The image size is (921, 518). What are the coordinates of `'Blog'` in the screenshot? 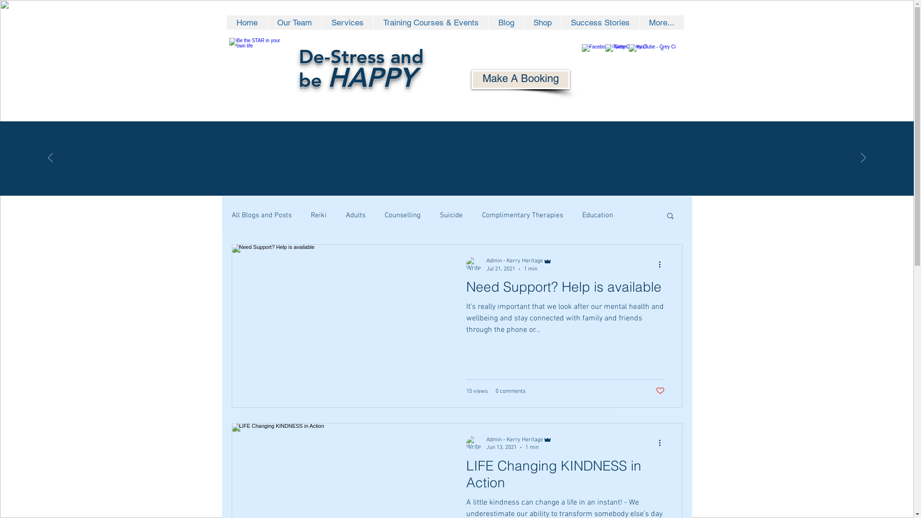 It's located at (488, 22).